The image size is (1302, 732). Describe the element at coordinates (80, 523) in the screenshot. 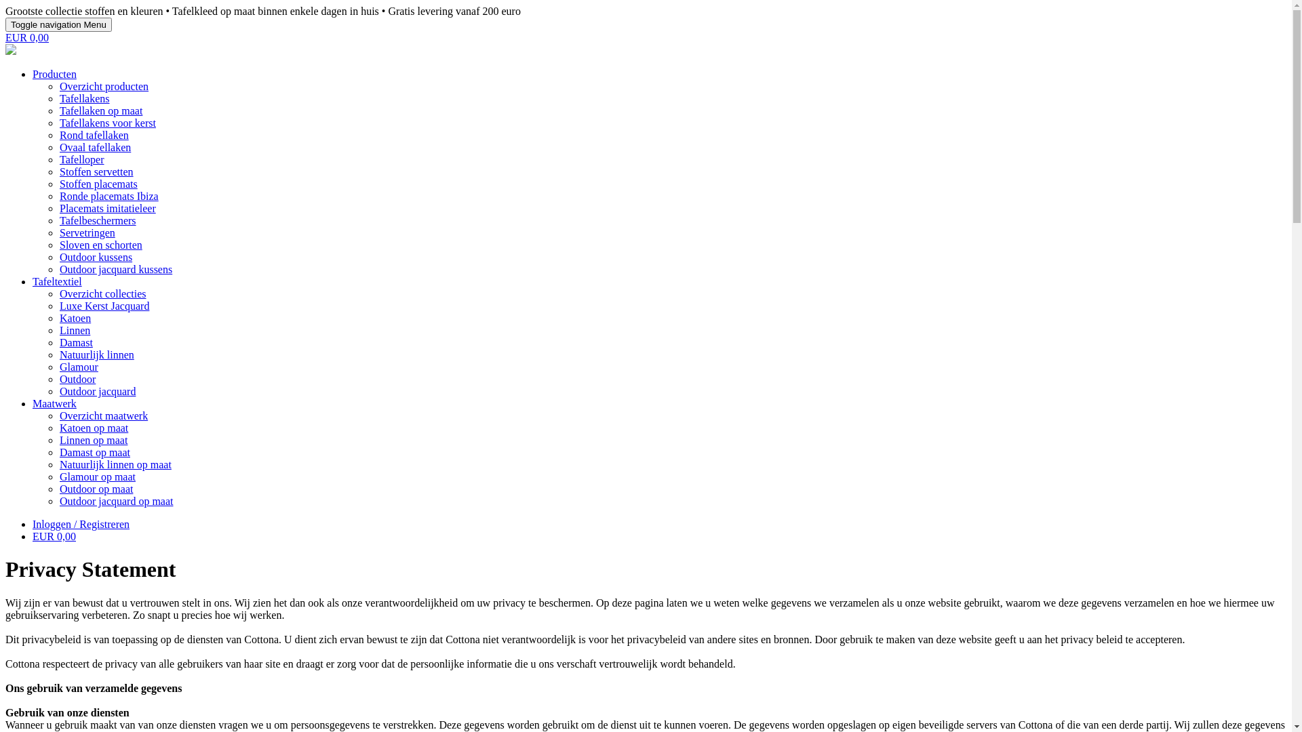

I see `'Inloggen / Registreren'` at that location.